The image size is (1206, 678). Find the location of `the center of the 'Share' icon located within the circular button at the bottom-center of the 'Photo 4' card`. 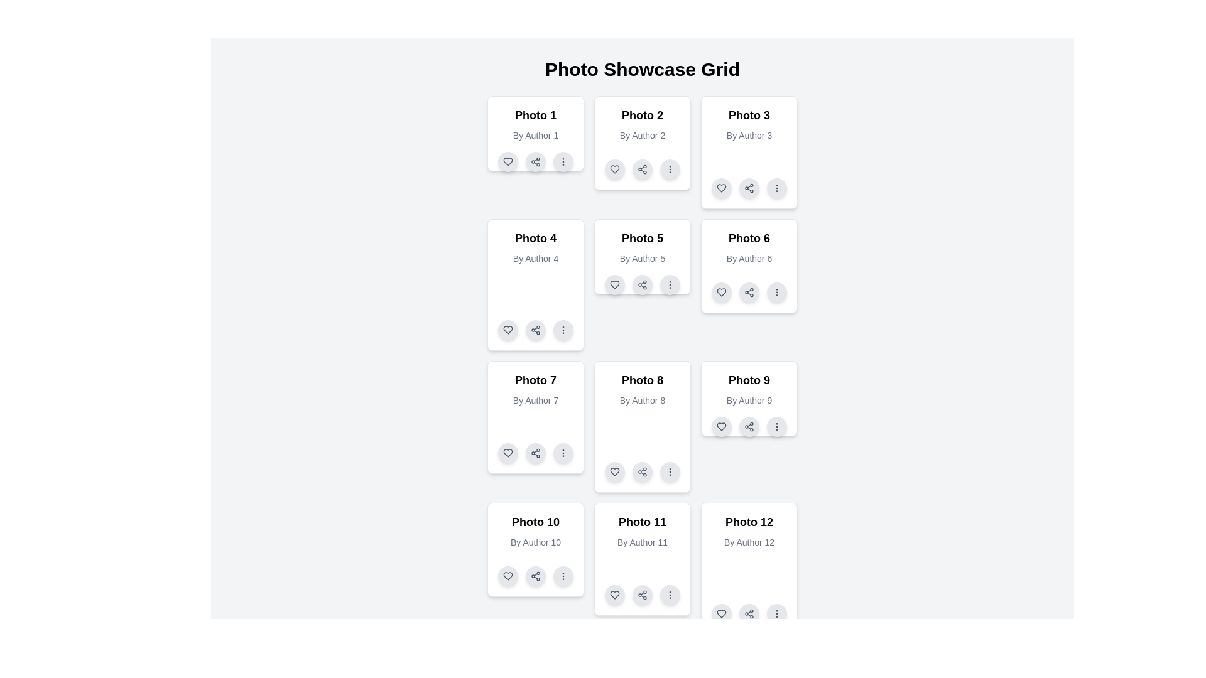

the center of the 'Share' icon located within the circular button at the bottom-center of the 'Photo 4' card is located at coordinates (536, 329).